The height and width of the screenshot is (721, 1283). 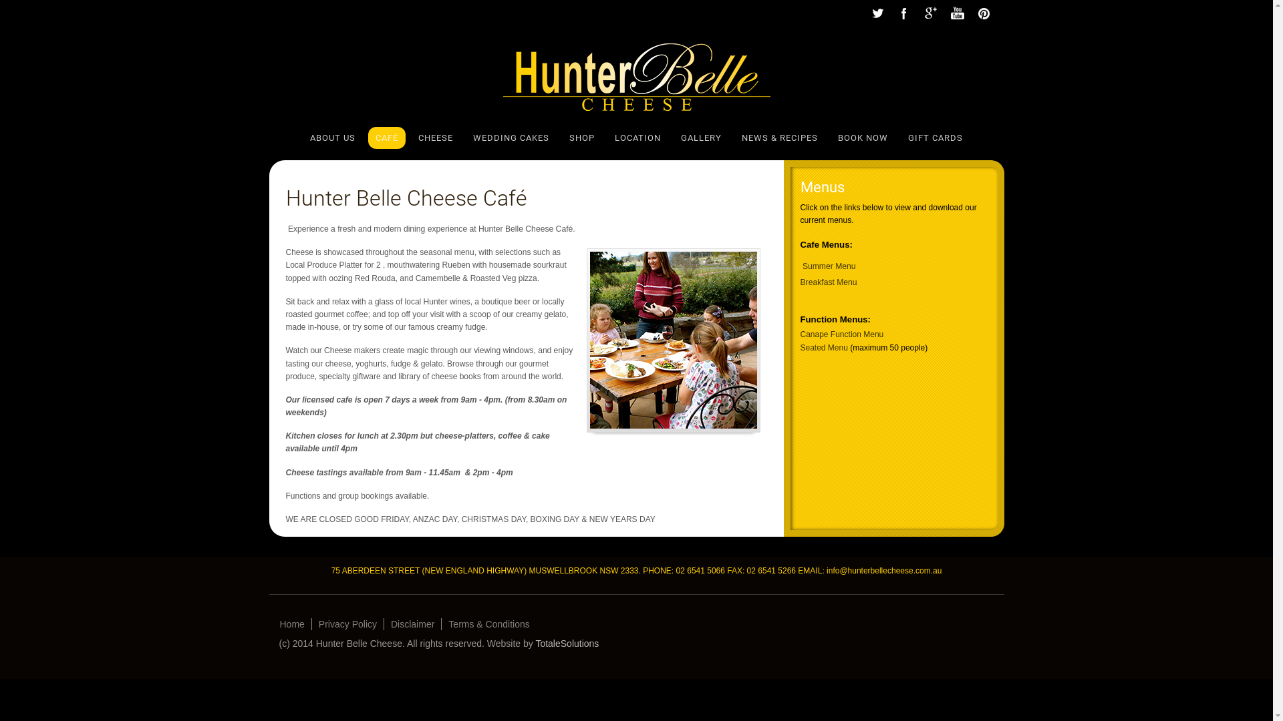 I want to click on 'TotaleSolutions', so click(x=567, y=643).